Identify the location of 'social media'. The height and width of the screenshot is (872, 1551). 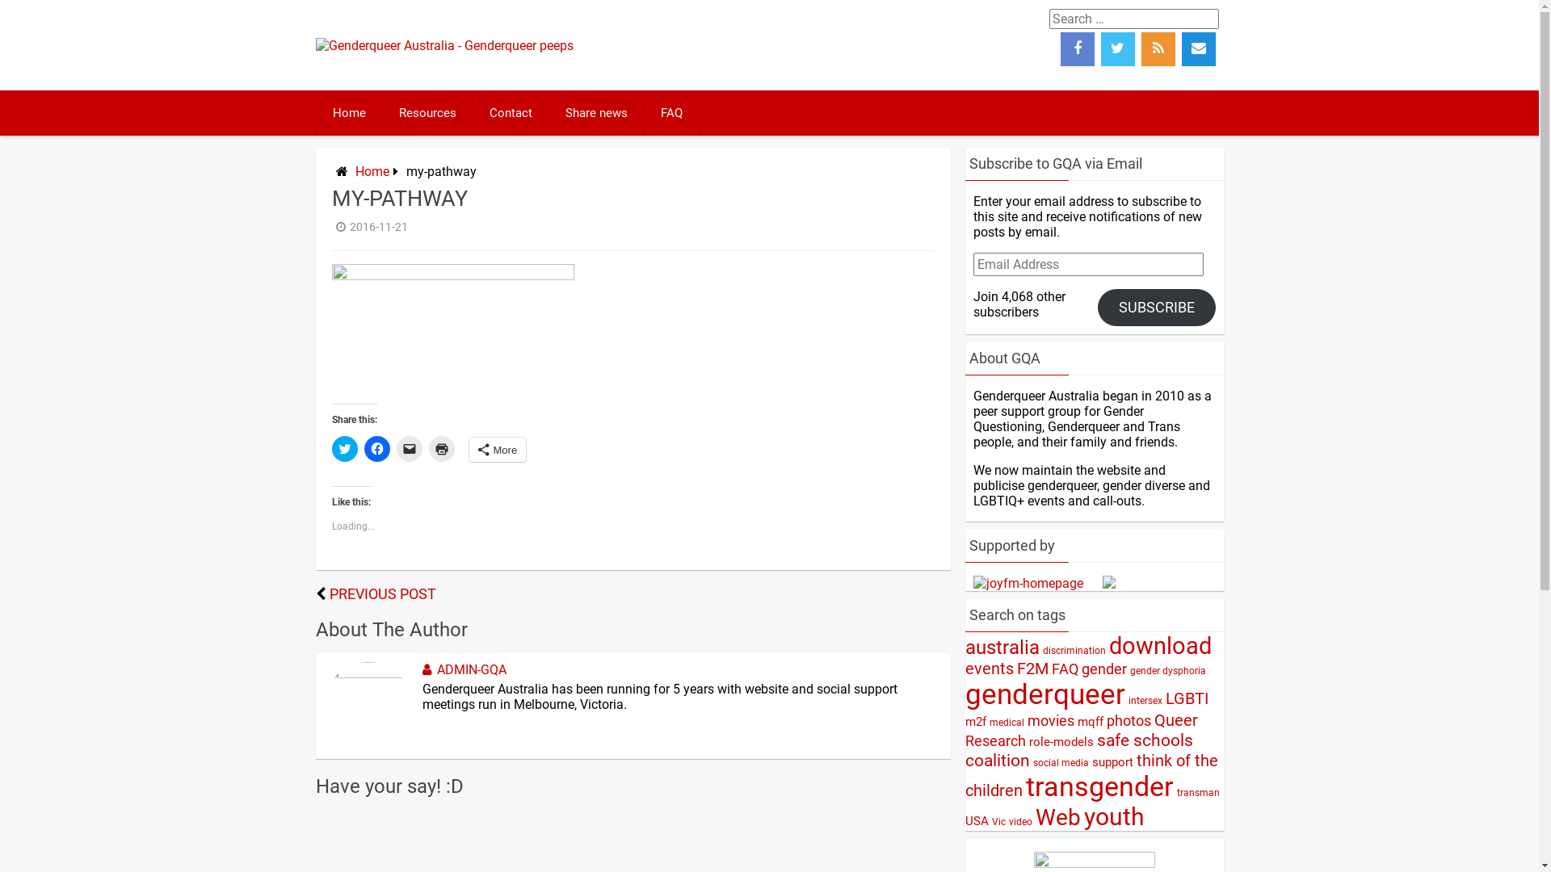
(1060, 763).